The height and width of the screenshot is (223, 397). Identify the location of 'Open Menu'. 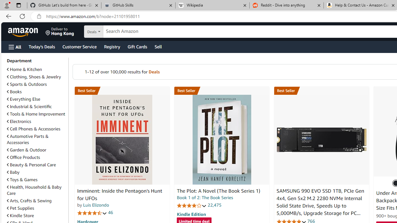
(15, 46).